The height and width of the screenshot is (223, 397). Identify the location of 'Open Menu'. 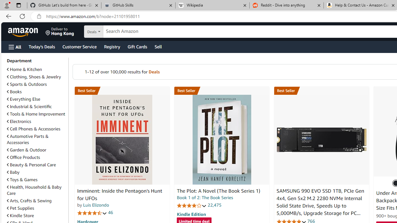
(15, 46).